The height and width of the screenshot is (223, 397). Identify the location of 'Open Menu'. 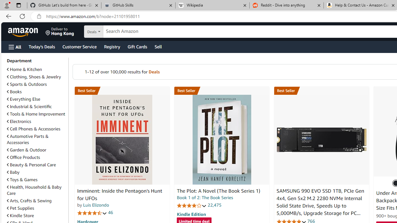
(15, 46).